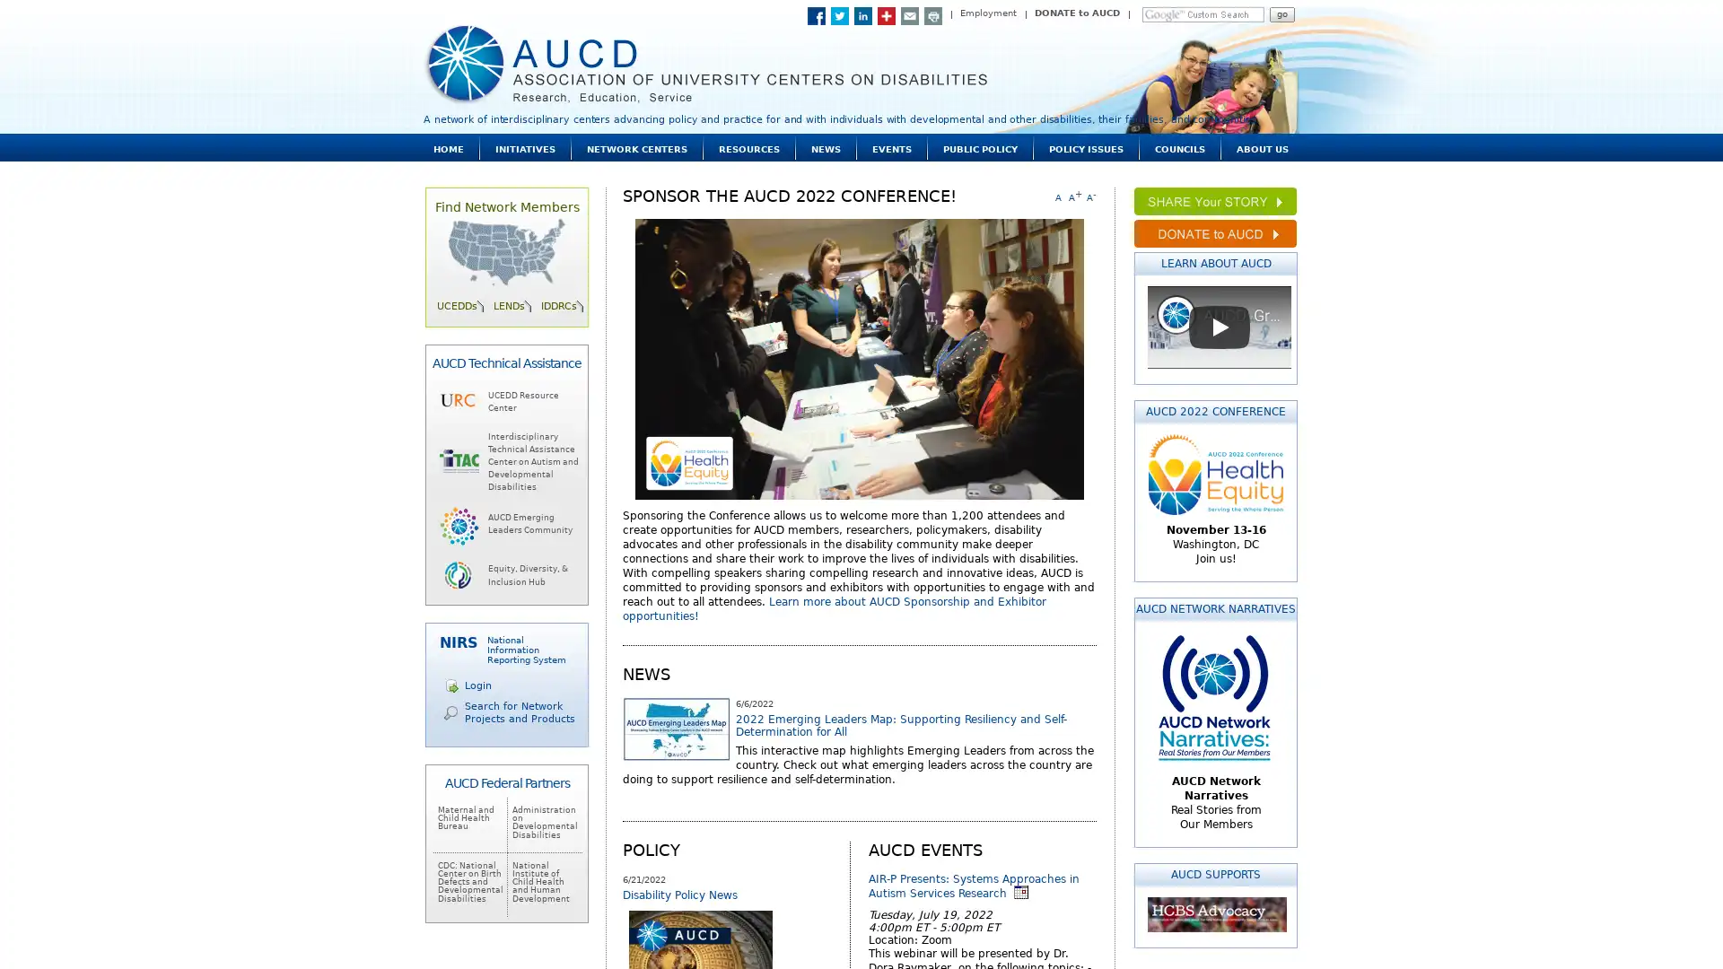  Describe the element at coordinates (1281, 14) in the screenshot. I see `go` at that location.